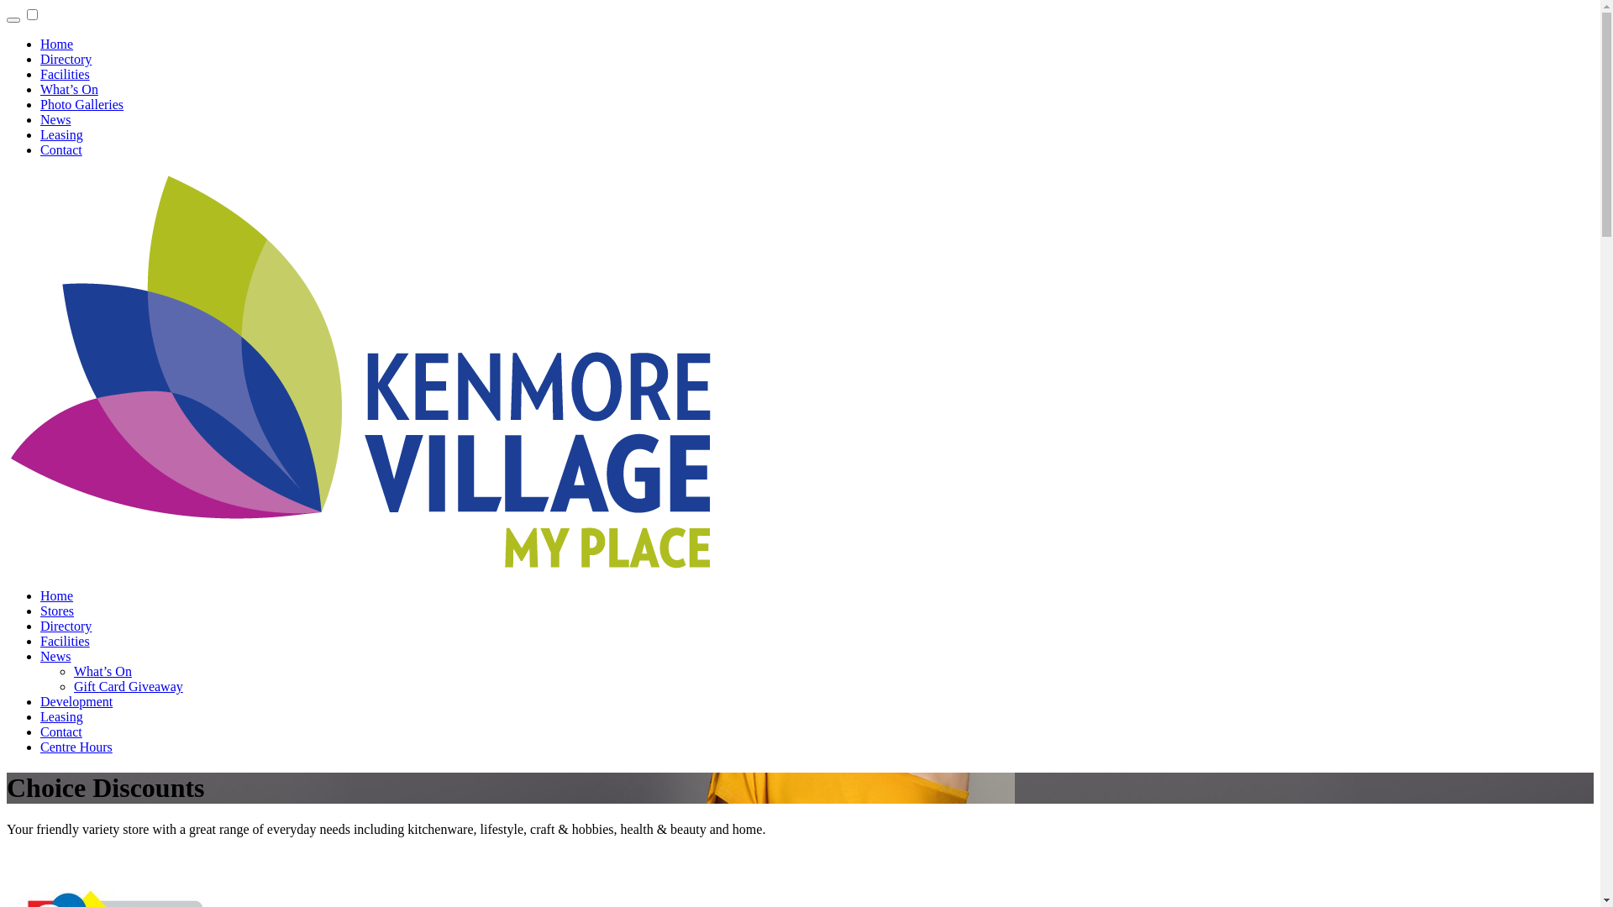  Describe the element at coordinates (65, 73) in the screenshot. I see `'Facilities'` at that location.